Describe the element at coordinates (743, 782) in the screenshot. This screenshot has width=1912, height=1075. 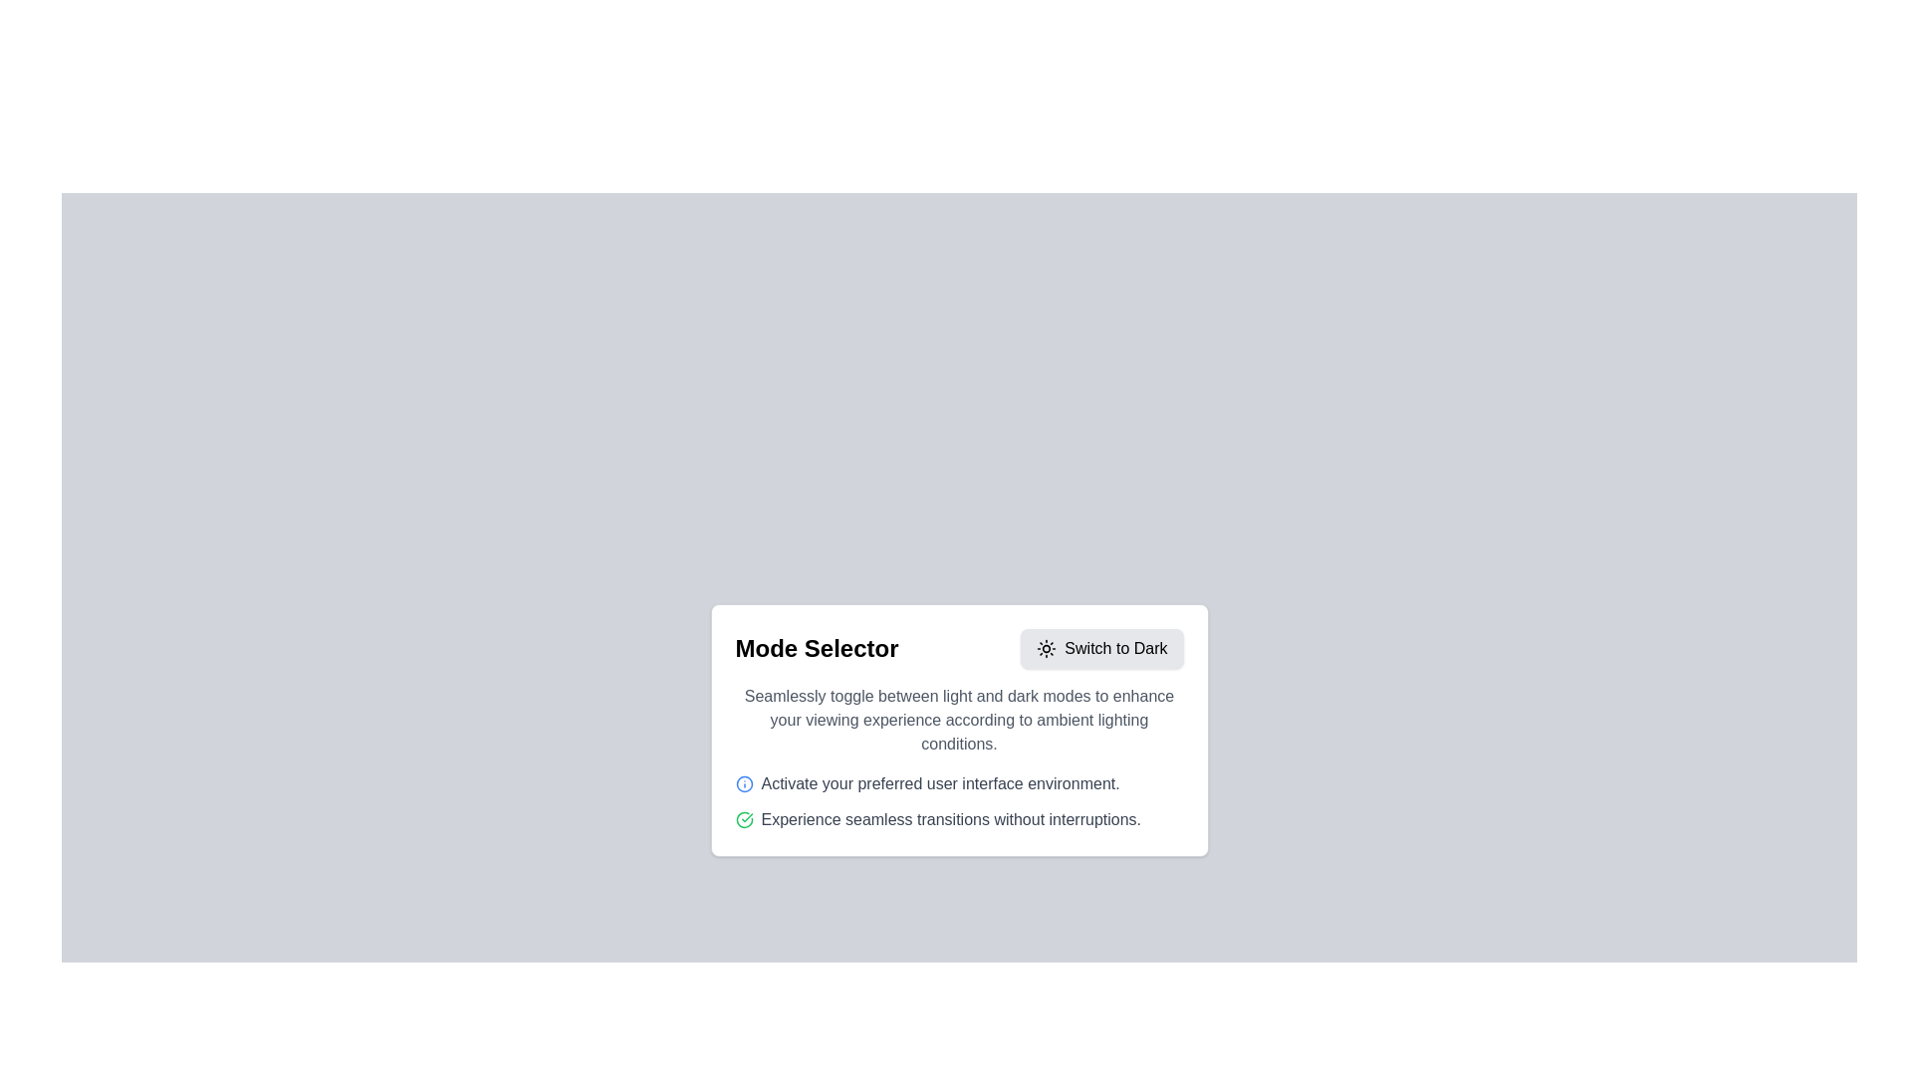
I see `information icon located near the text 'Activate your preferred user interface environment.'` at that location.